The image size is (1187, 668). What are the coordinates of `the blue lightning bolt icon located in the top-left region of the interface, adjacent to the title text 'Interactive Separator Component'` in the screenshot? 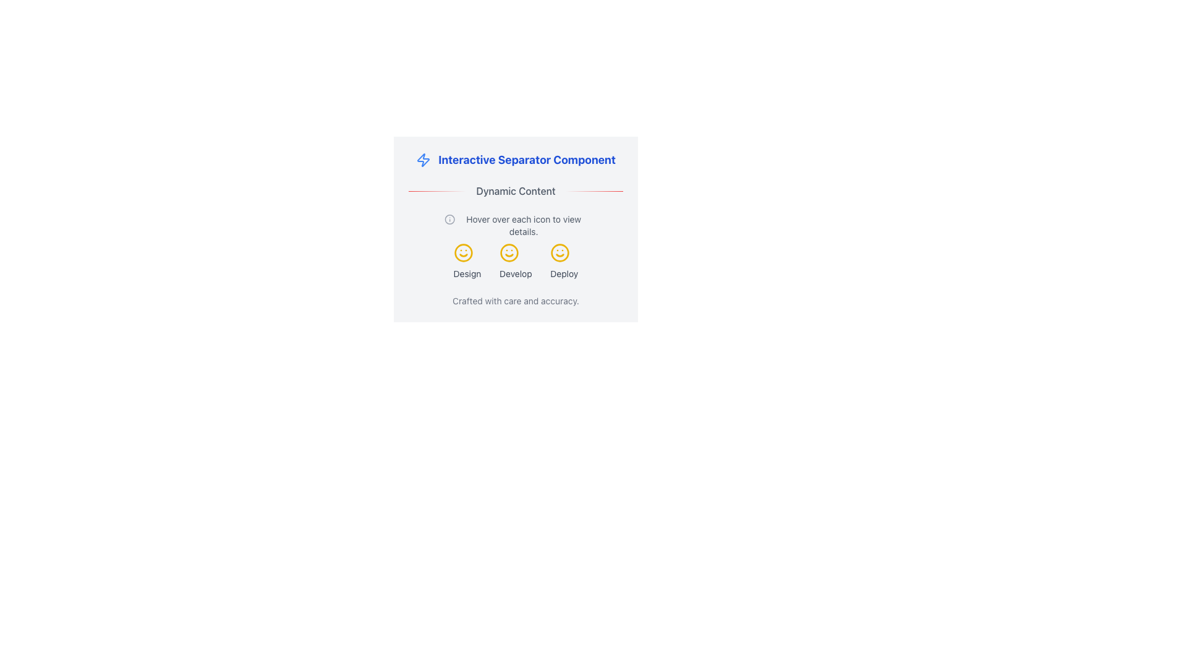 It's located at (423, 159).